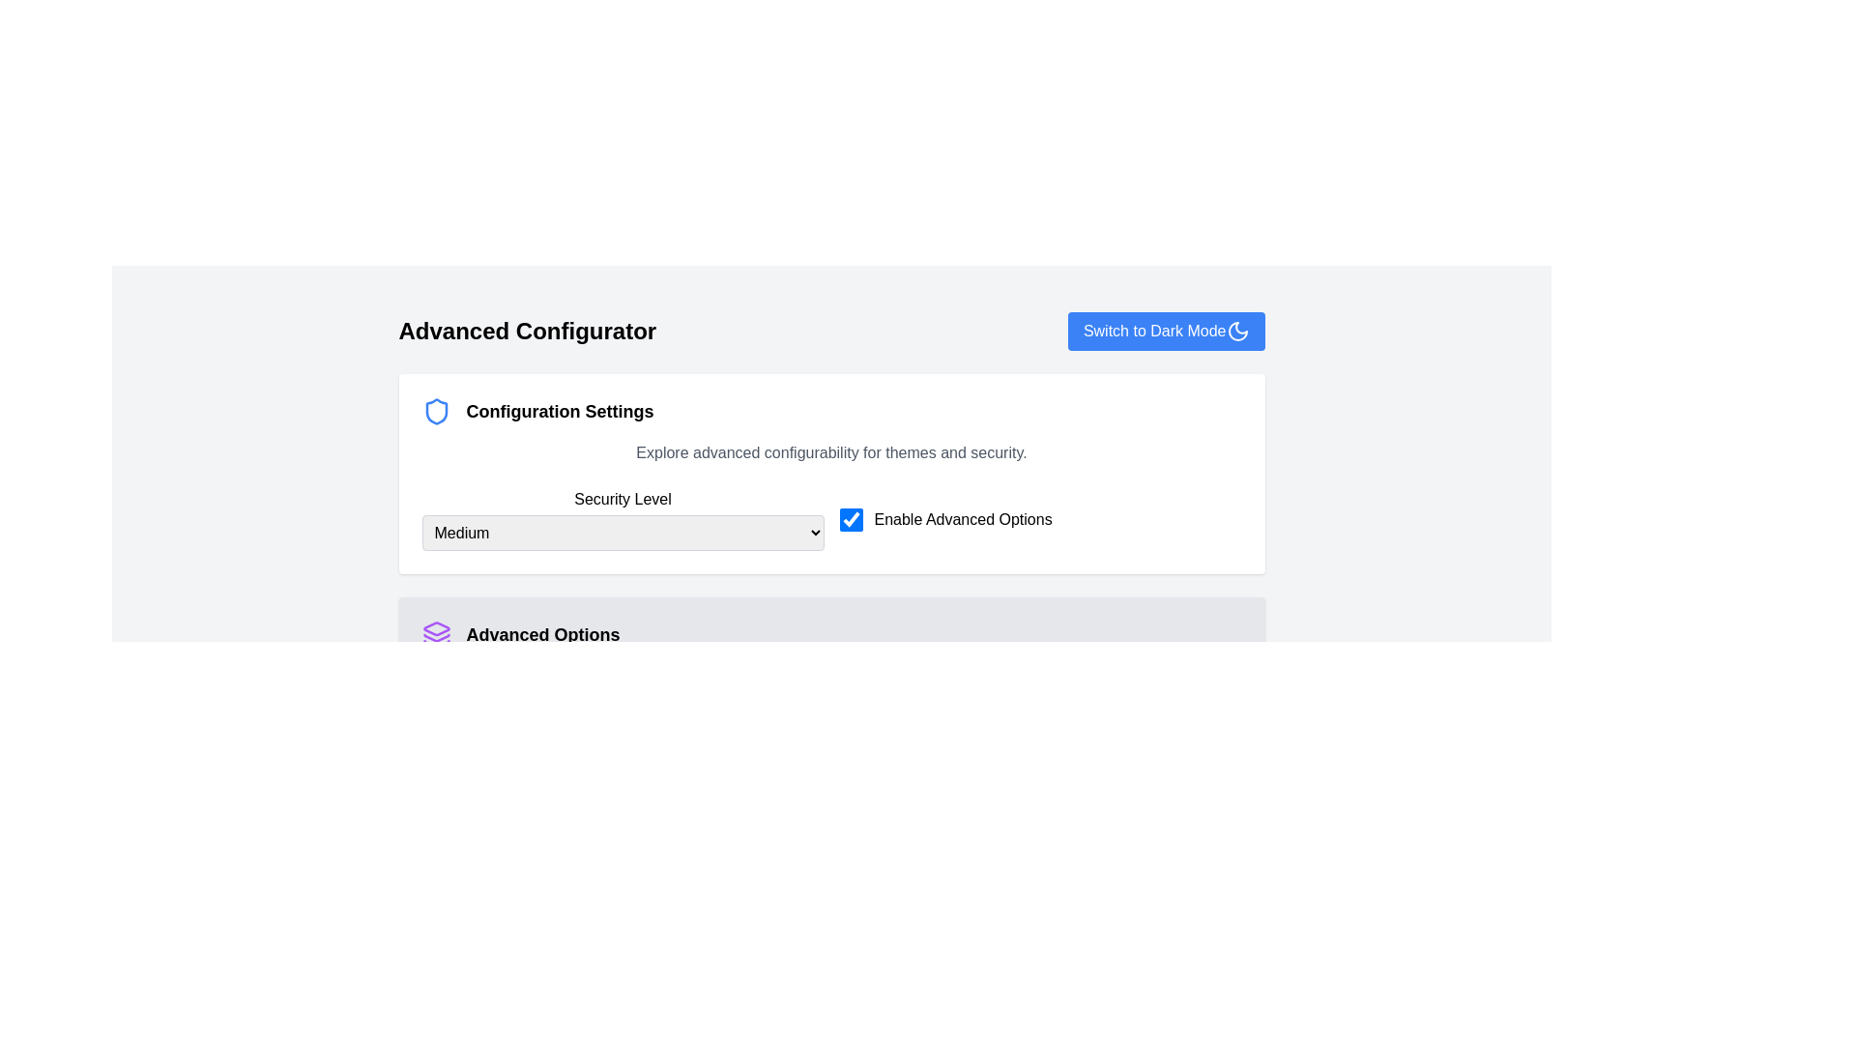  Describe the element at coordinates (831, 453) in the screenshot. I see `the static text label that provides contextual information about the configurability options available in the section, located below the title 'Configuration Settings'` at that location.